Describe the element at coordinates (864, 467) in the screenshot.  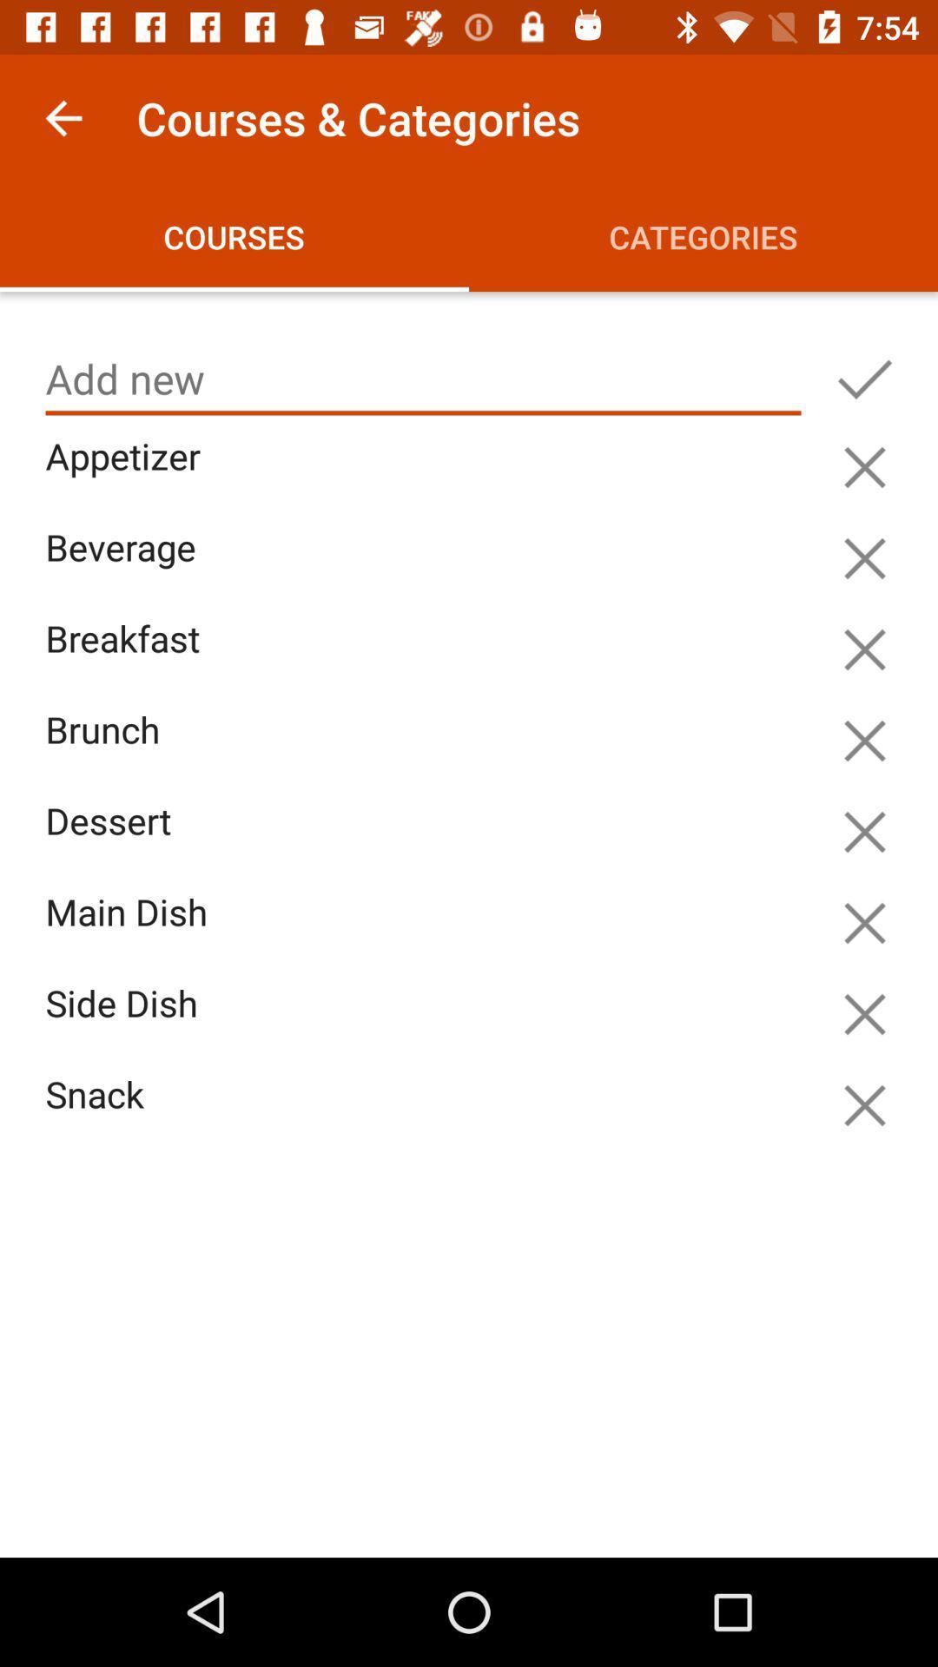
I see `deleter` at that location.